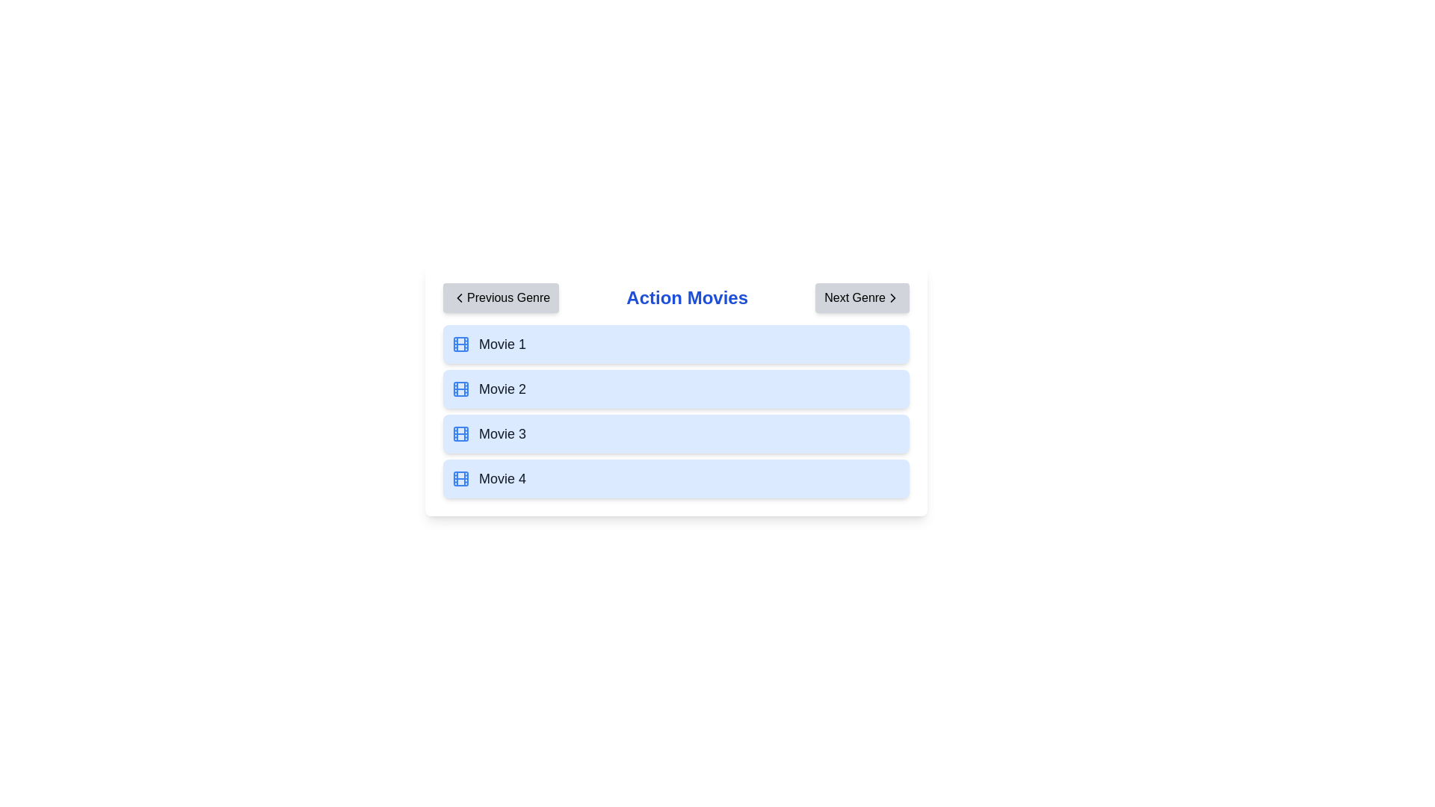 The width and height of the screenshot is (1435, 807). What do you see at coordinates (460, 388) in the screenshot?
I see `the movie icon located in the left portion of the second row of entries in the 'Action Movies' section, just to the left of the text 'Movie 2'` at bounding box center [460, 388].